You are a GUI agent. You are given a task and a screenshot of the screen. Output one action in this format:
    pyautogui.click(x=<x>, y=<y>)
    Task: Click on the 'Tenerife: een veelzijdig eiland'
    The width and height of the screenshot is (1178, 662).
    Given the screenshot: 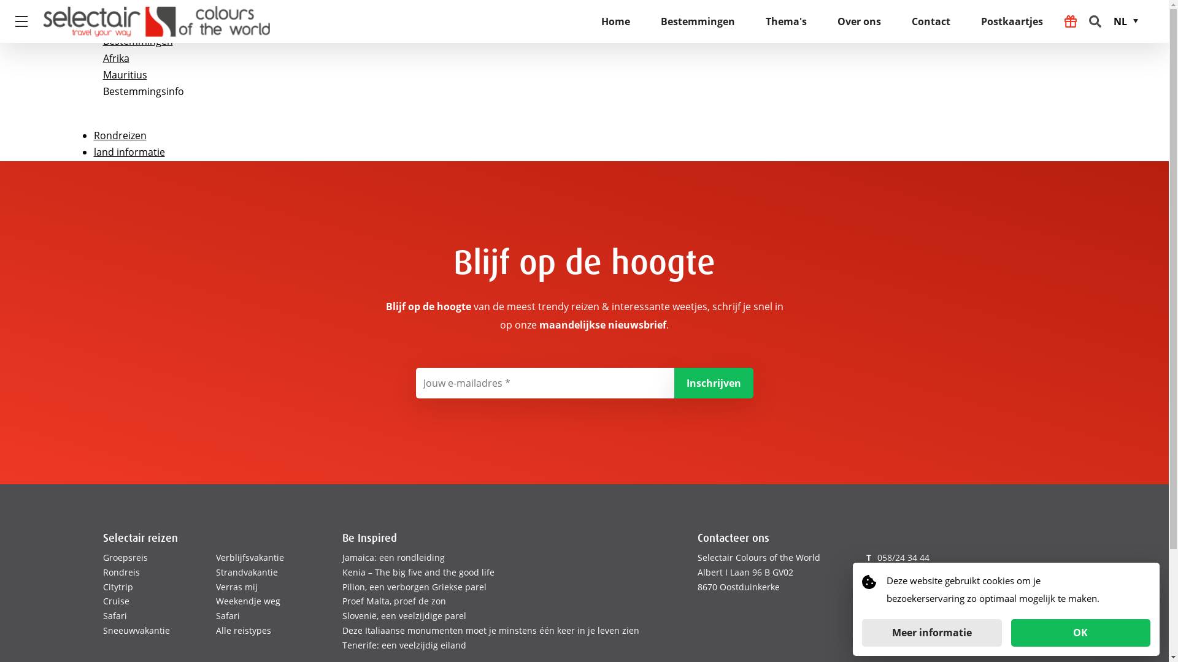 What is the action you would take?
    pyautogui.click(x=342, y=644)
    